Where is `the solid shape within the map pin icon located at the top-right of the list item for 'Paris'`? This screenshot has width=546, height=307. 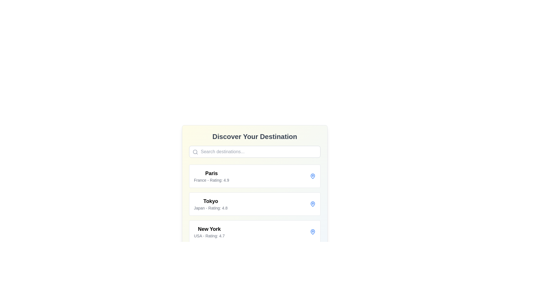 the solid shape within the map pin icon located at the top-right of the list item for 'Paris' is located at coordinates (312, 176).